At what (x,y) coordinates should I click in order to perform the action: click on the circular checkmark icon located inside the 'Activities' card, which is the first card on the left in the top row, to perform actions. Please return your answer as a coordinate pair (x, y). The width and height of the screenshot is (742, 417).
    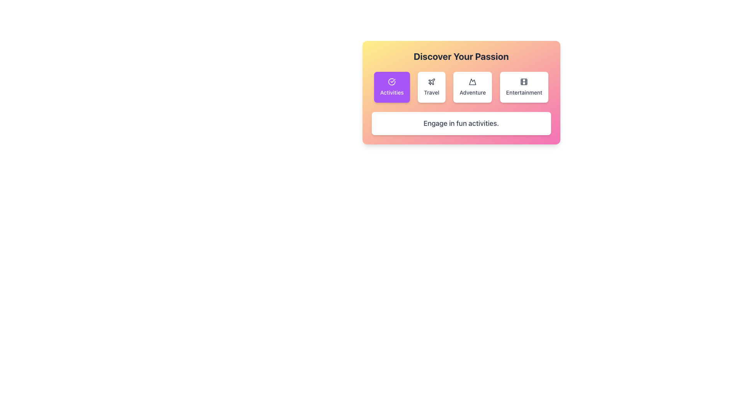
    Looking at the image, I should click on (392, 82).